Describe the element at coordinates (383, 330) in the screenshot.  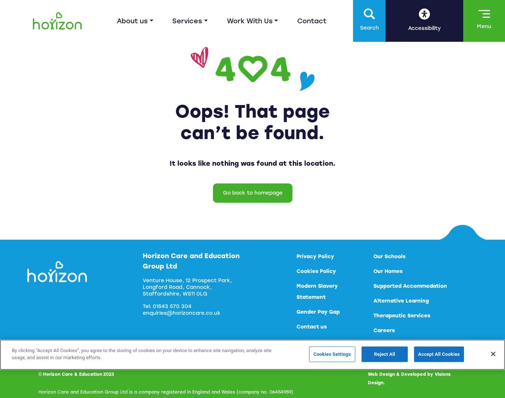
I see `'Careers'` at that location.